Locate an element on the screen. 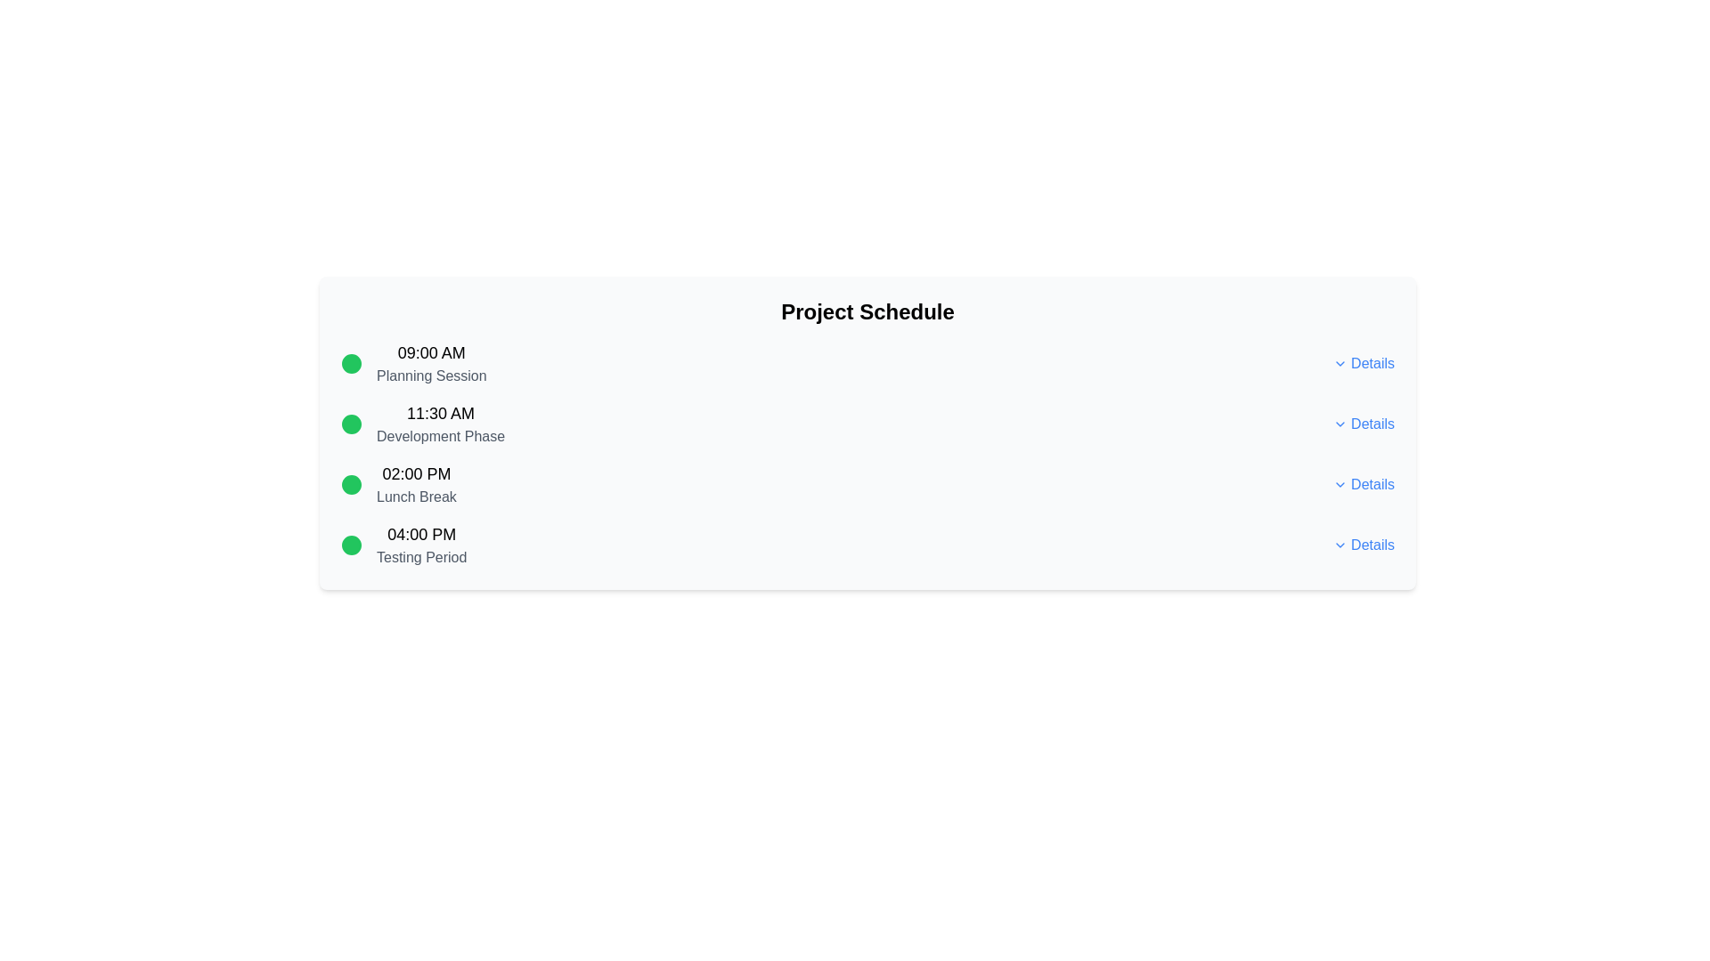 The image size is (1710, 961). text label 'Details' styled in blue font, located on the far-right side of the row in the list, aligned with the '09:00 AM Planning Session' row is located at coordinates (1372, 362).